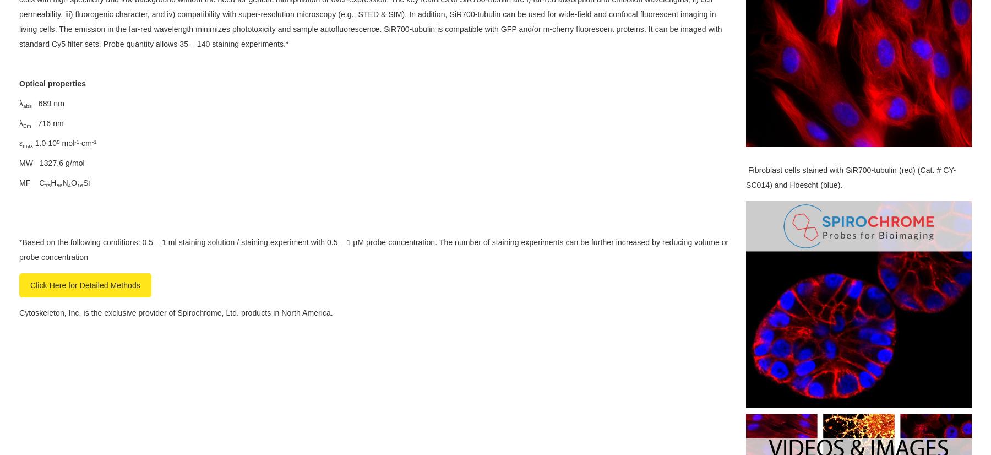 Image resolution: width=991 pixels, height=455 pixels. What do you see at coordinates (85, 143) in the screenshot?
I see `'·cm'` at bounding box center [85, 143].